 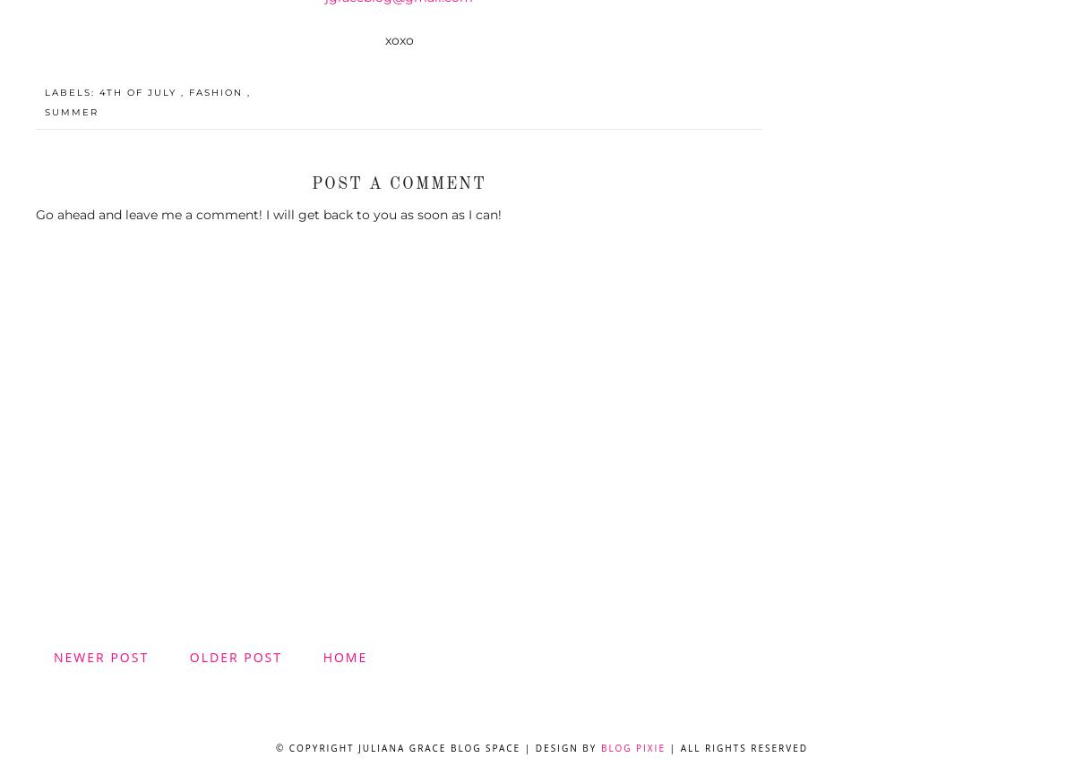 What do you see at coordinates (72, 111) in the screenshot?
I see `'summer'` at bounding box center [72, 111].